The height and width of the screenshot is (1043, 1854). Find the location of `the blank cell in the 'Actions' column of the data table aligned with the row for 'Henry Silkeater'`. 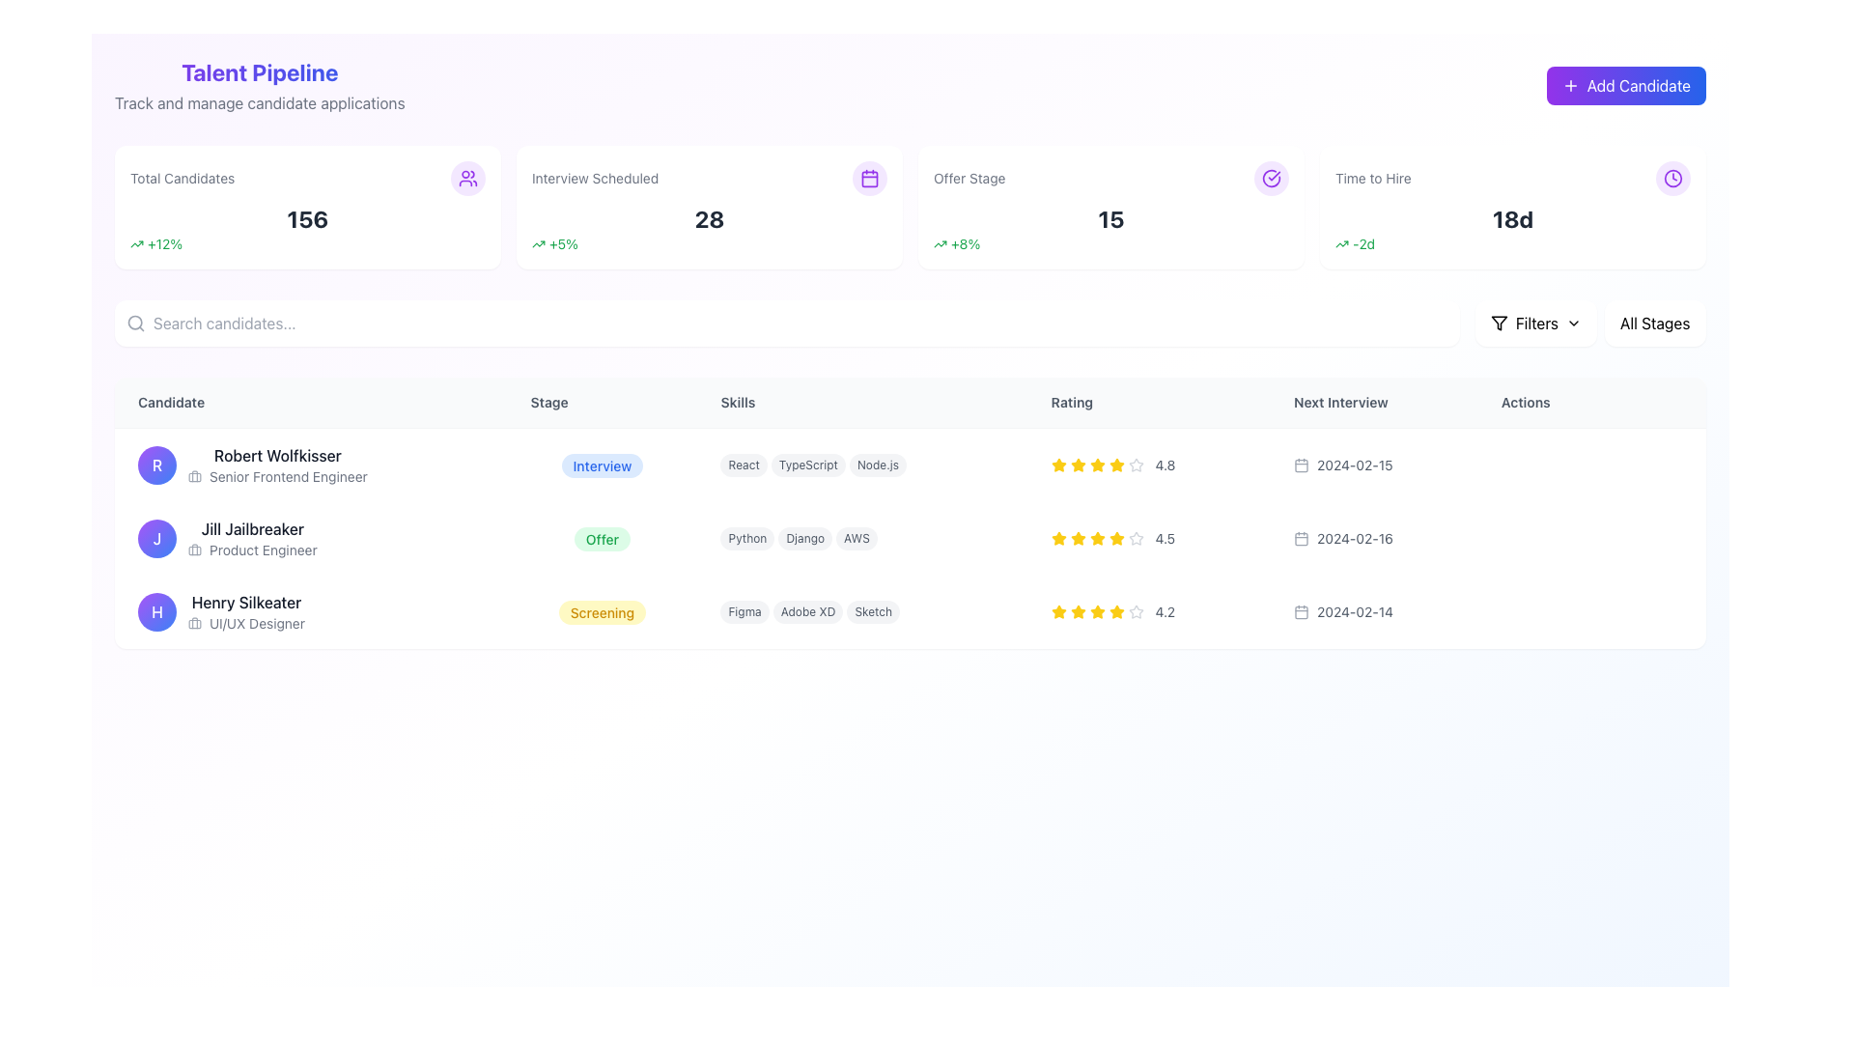

the blank cell in the 'Actions' column of the data table aligned with the row for 'Henry Silkeater' is located at coordinates (1591, 611).